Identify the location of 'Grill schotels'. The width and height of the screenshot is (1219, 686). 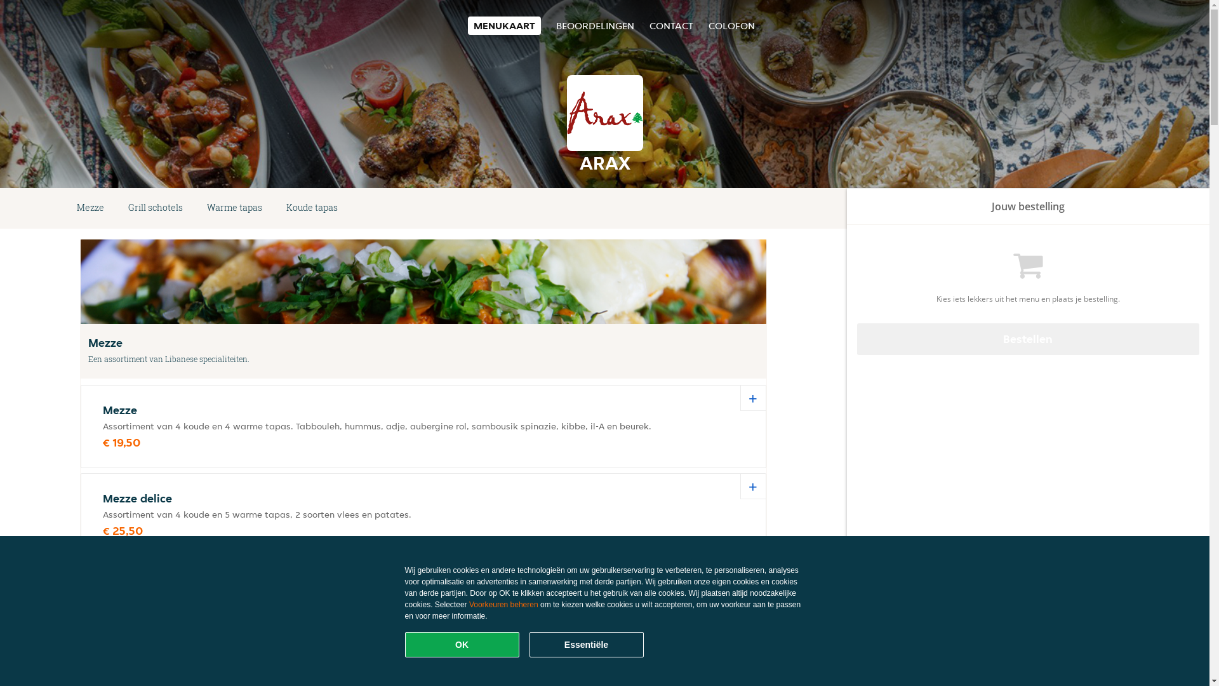
(154, 207).